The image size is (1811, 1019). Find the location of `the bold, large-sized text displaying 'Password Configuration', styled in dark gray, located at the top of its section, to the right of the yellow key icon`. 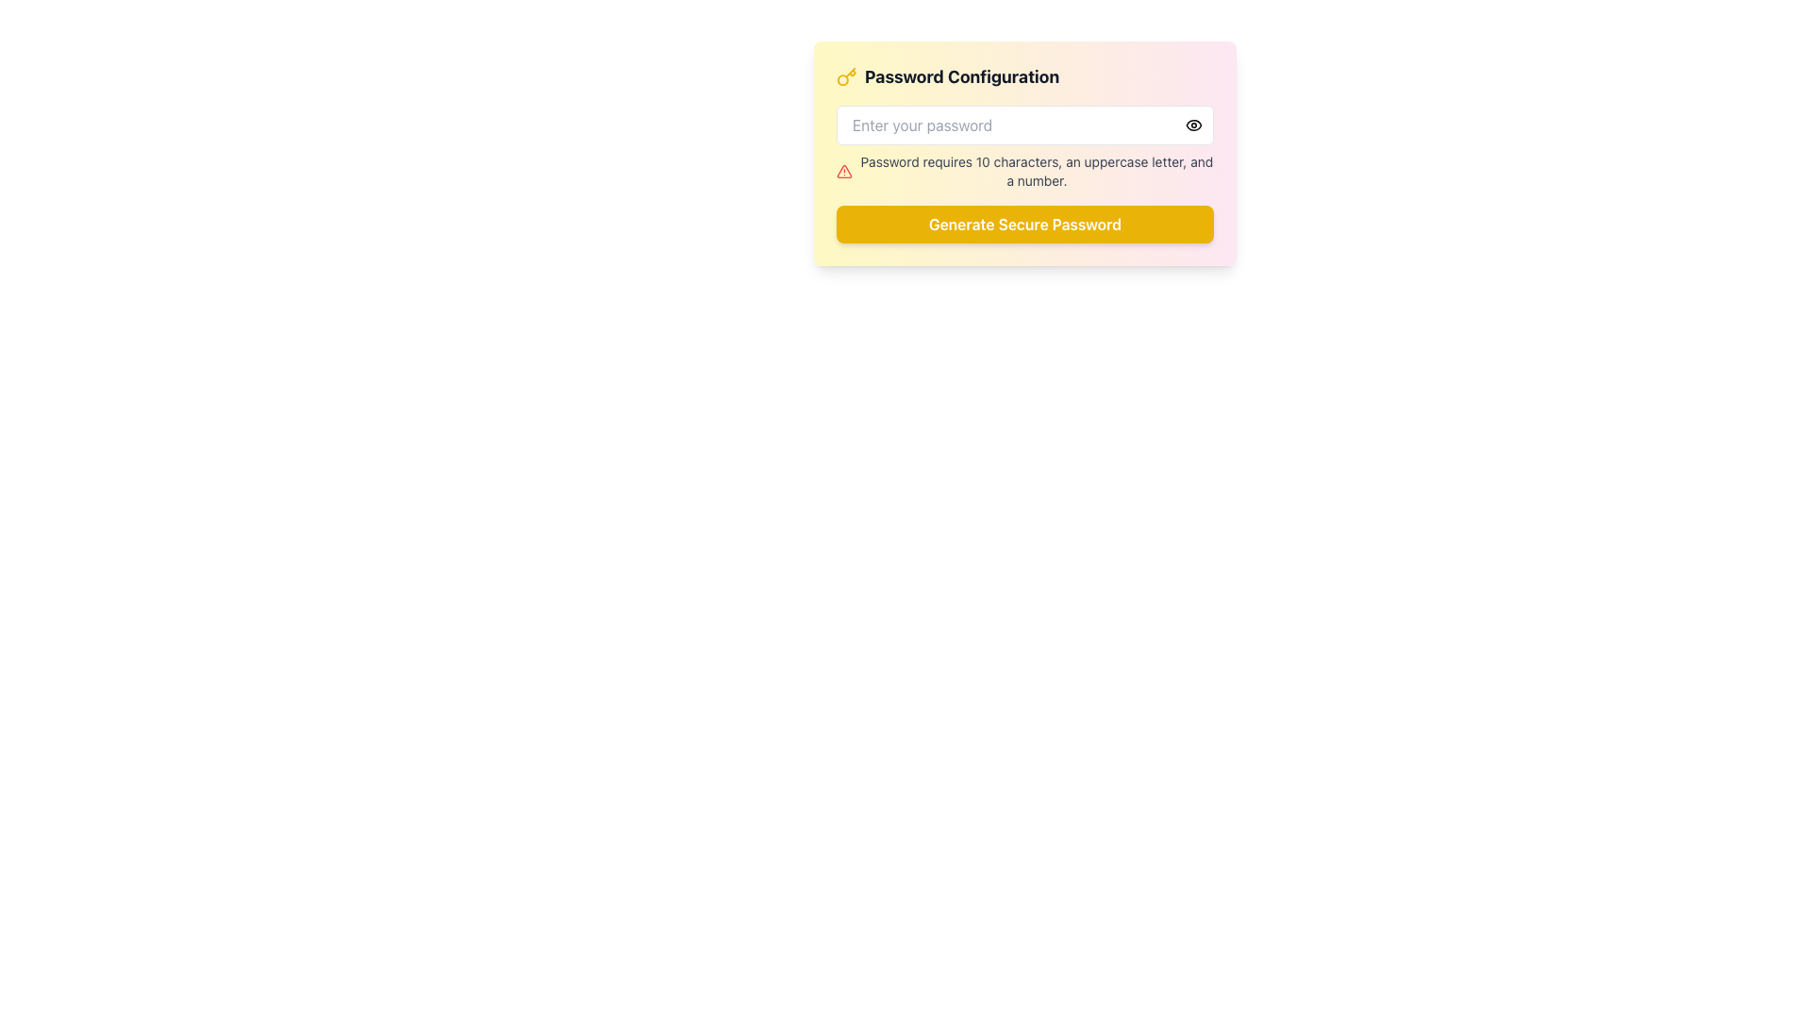

the bold, large-sized text displaying 'Password Configuration', styled in dark gray, located at the top of its section, to the right of the yellow key icon is located at coordinates (962, 75).